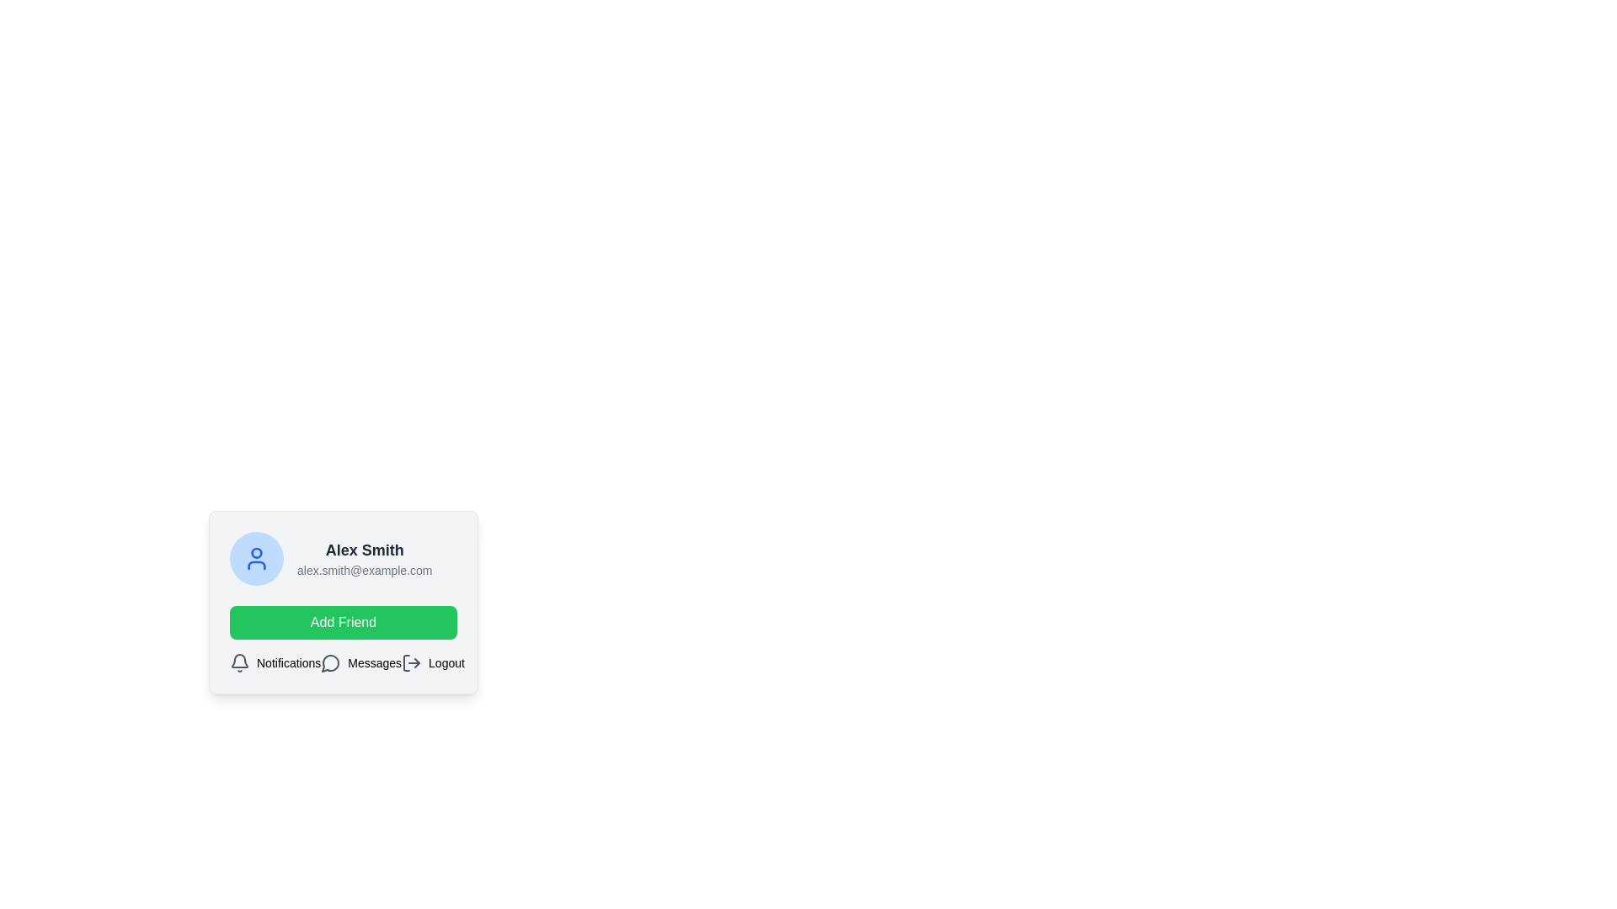 The image size is (1617, 909). What do you see at coordinates (256, 552) in the screenshot?
I see `the decorative or functional indicator circle located at the top-center of the user profile icon in the upper-left area of the user profile card` at bounding box center [256, 552].